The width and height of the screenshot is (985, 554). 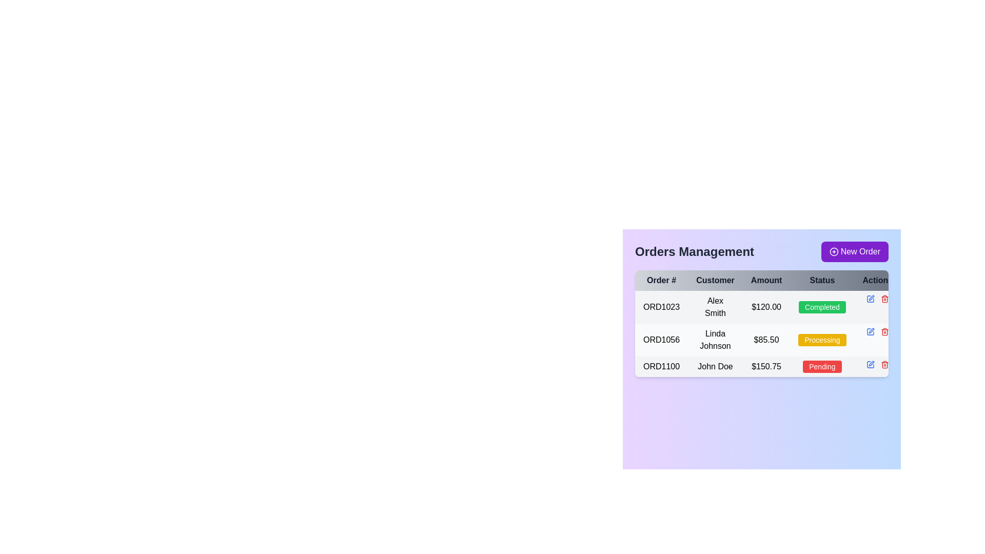 I want to click on the pen icon button located in the 'Action' column of the 'Orders Management' table for order 'ORD1100' to trigger the tooltip or hover effect, so click(x=871, y=363).